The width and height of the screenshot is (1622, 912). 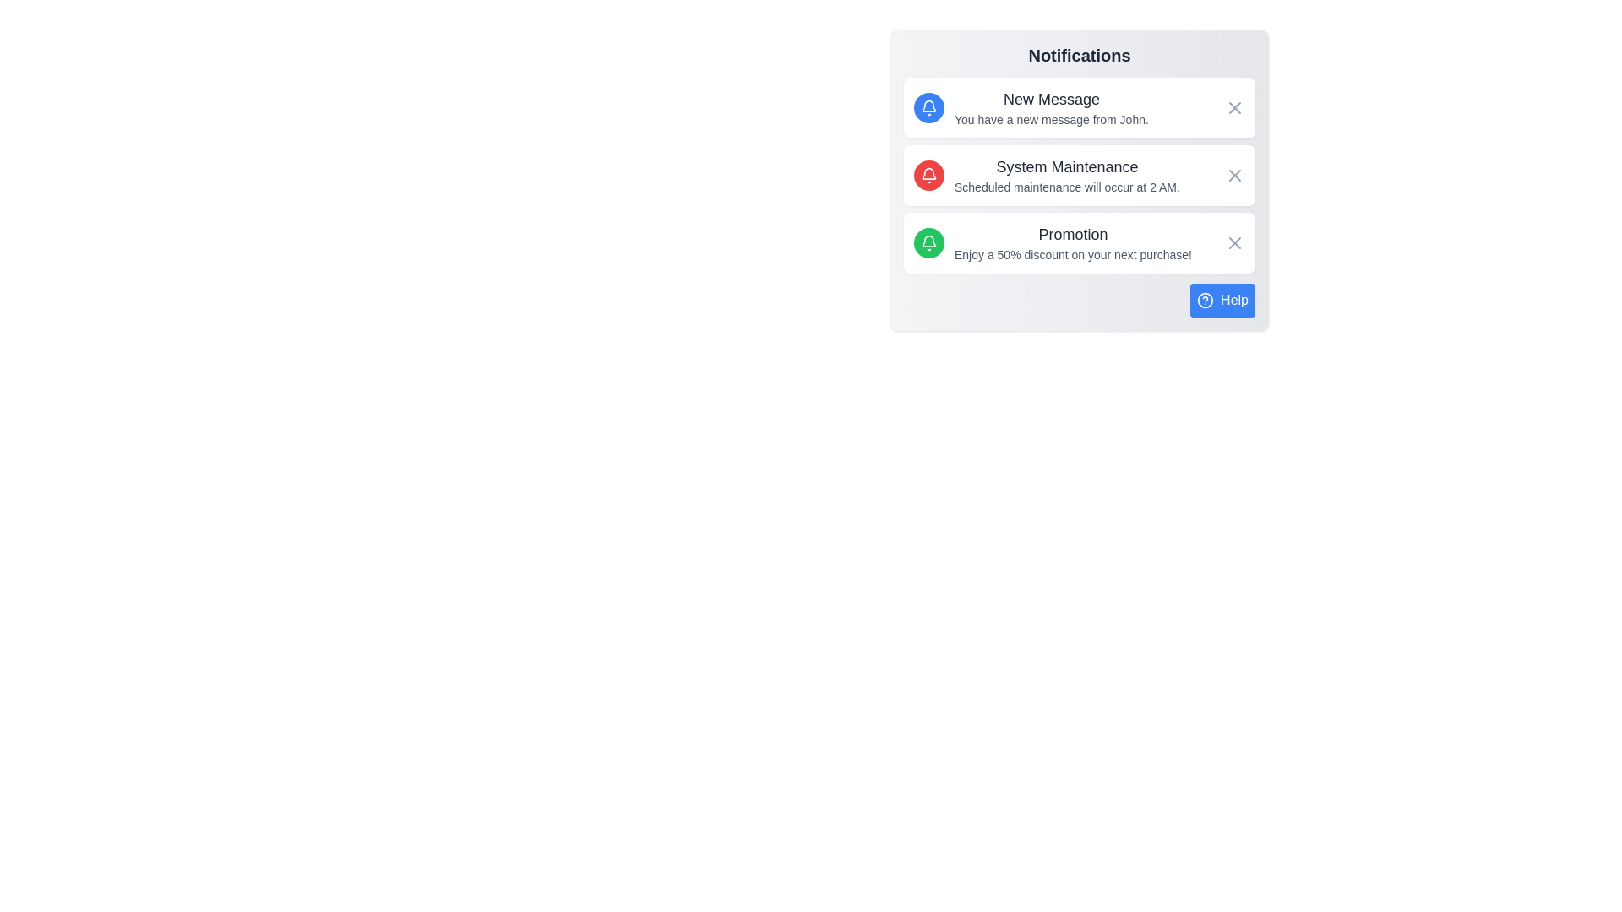 What do you see at coordinates (1205, 299) in the screenshot?
I see `the help icon located at the bottom-right corner of the notification panel, which is part of a blue button labeled 'Help'` at bounding box center [1205, 299].